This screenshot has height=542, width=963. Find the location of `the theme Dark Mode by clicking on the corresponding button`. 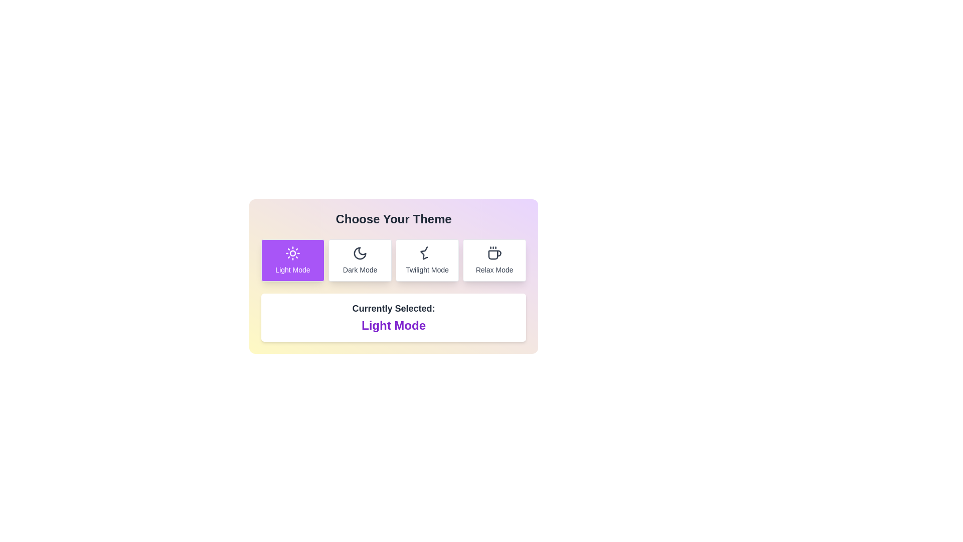

the theme Dark Mode by clicking on the corresponding button is located at coordinates (360, 260).